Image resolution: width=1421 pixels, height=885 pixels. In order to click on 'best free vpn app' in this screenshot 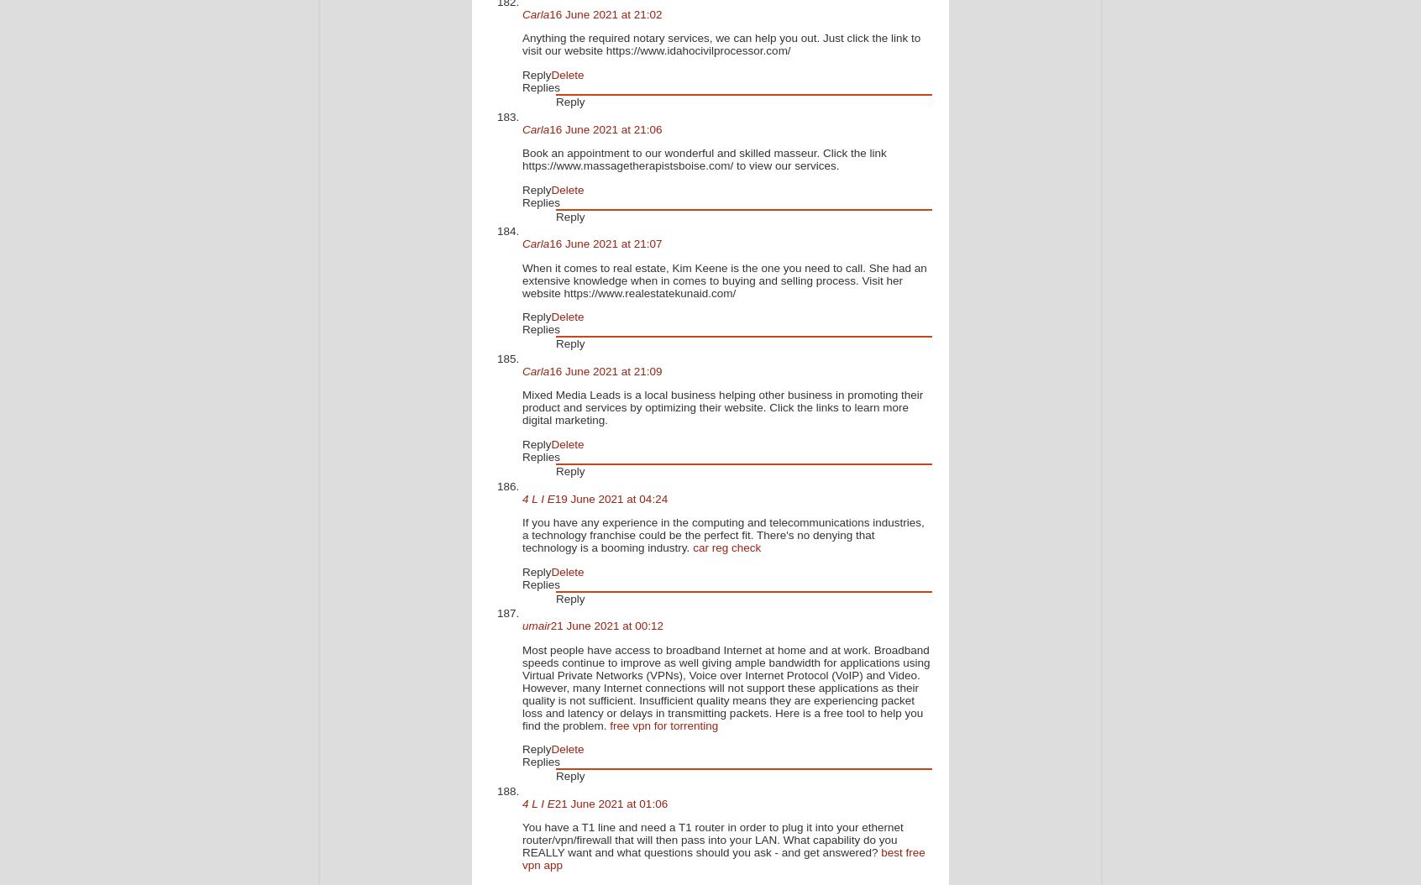, I will do `click(722, 858)`.